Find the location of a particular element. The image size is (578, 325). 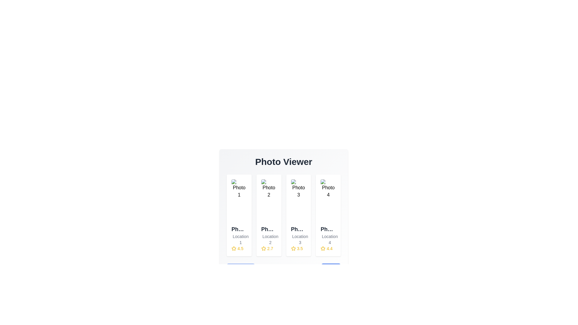

the rating icon located in the second column below 'Location 2' and above the value '2.7' is located at coordinates (263, 248).